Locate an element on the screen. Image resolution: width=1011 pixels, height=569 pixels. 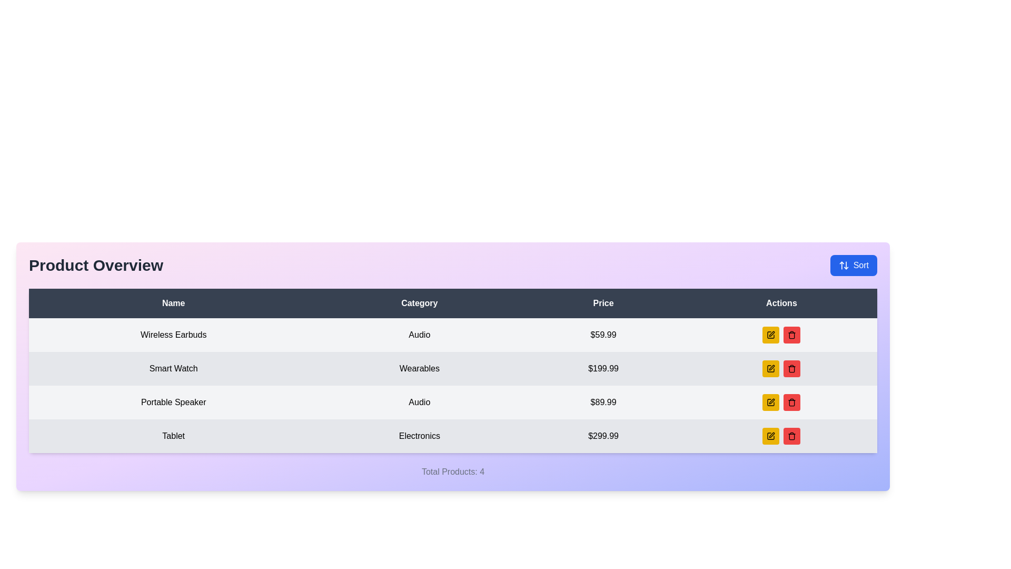
the edit button with a yellow background and pen icon located in the 'Actions' column for the 'Wireless Earbuds' entry is located at coordinates (771, 335).